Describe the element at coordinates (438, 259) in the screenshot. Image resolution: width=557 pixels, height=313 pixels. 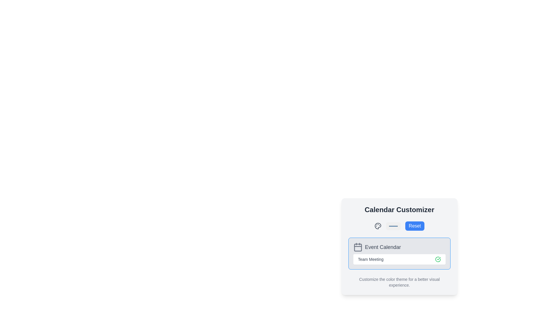
I see `the green circular check icon located at the right end of the 'Team Meeting' box` at that location.